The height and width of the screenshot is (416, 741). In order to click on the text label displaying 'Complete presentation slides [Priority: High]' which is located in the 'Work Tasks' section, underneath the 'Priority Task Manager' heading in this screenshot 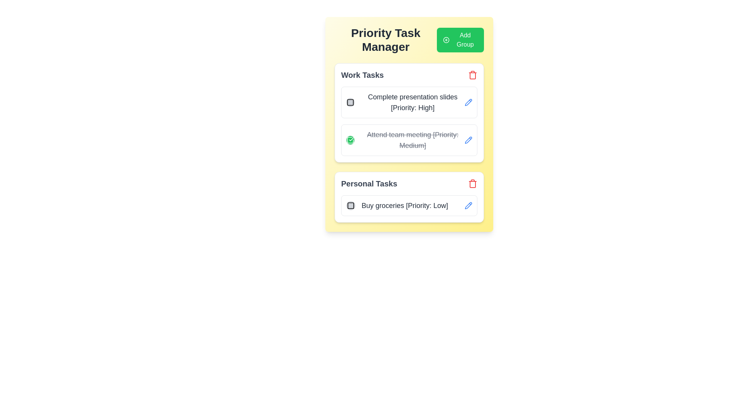, I will do `click(405, 102)`.